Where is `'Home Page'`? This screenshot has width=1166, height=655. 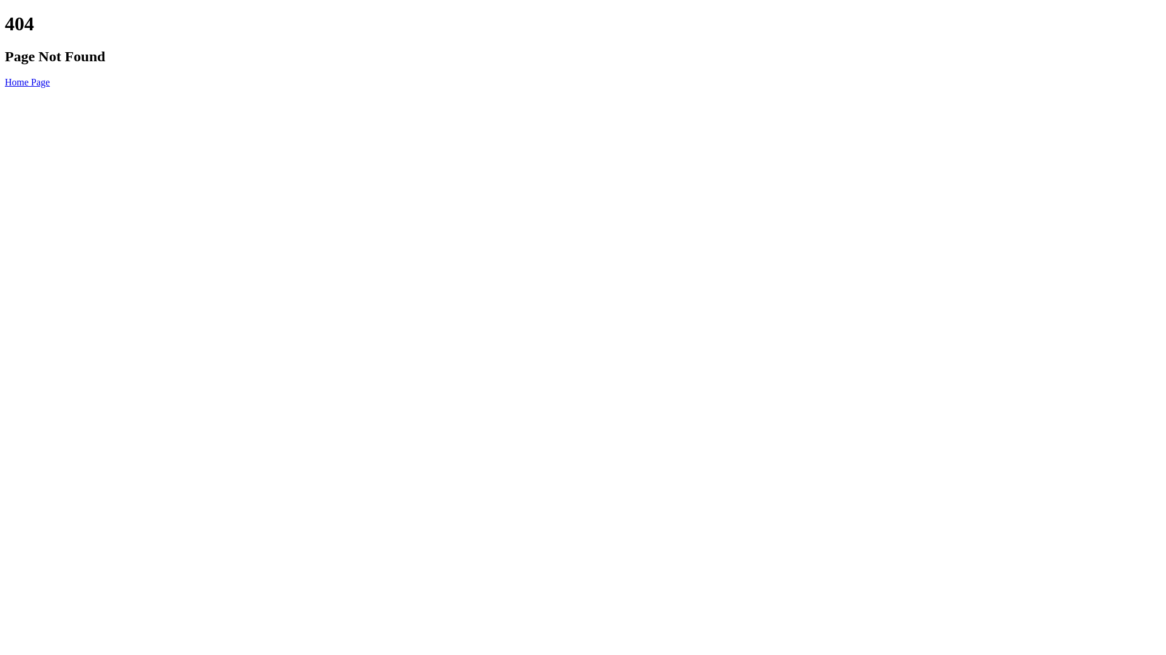 'Home Page' is located at coordinates (27, 82).